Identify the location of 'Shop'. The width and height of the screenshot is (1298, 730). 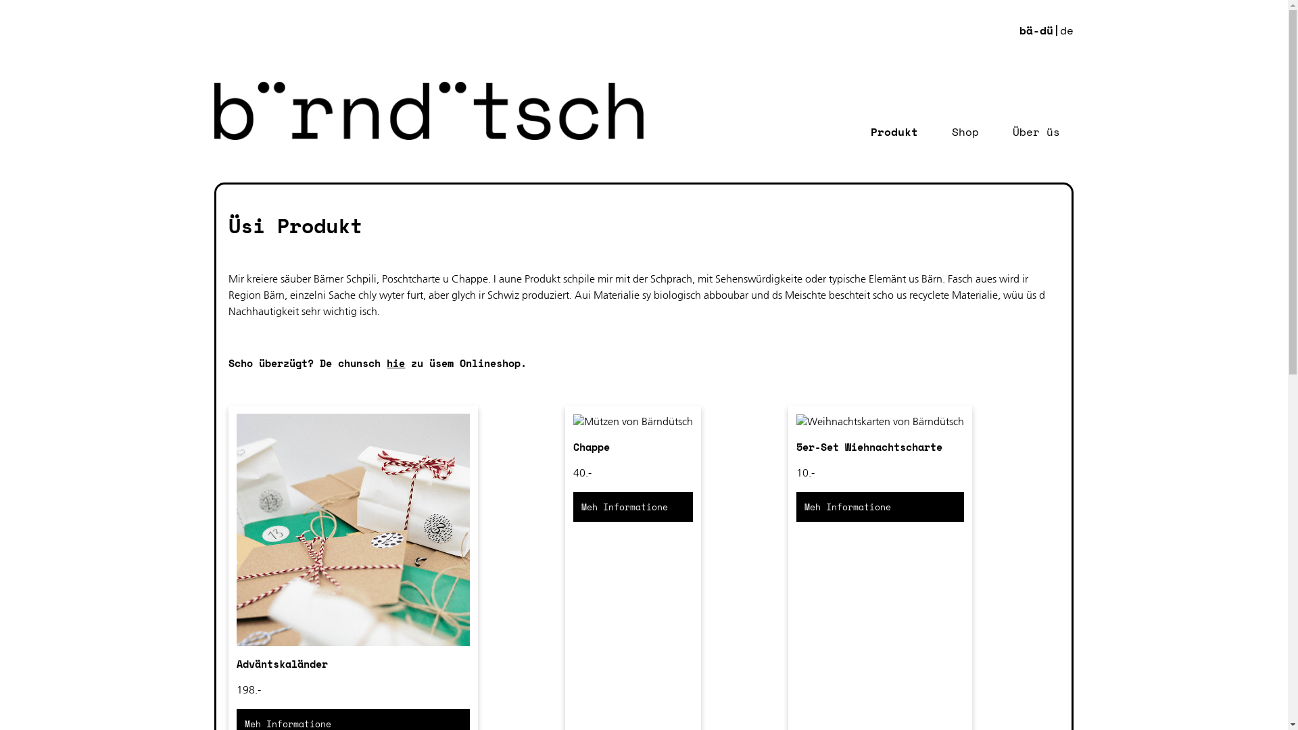
(964, 132).